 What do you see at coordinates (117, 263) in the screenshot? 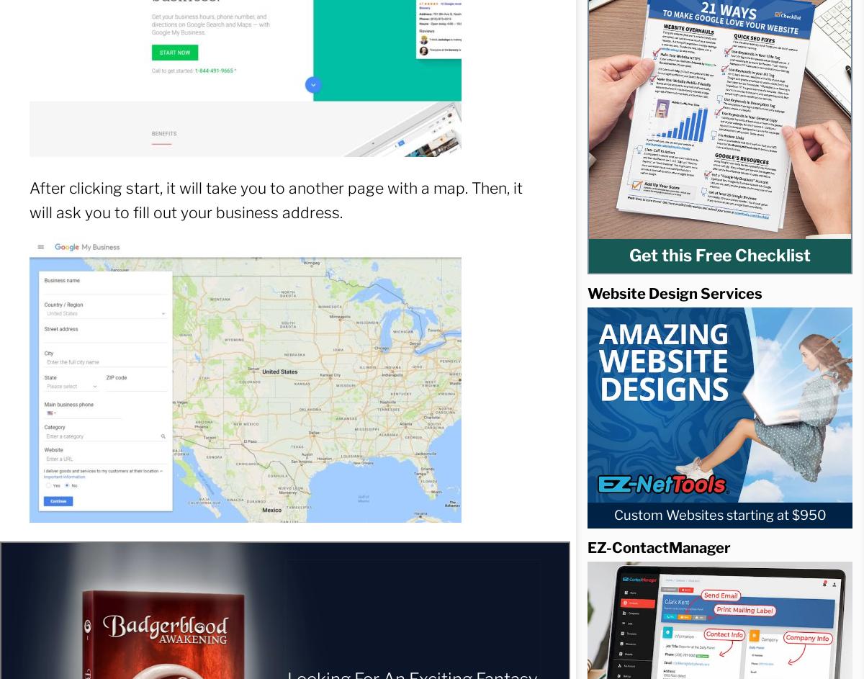
I see `'Webinars'` at bounding box center [117, 263].